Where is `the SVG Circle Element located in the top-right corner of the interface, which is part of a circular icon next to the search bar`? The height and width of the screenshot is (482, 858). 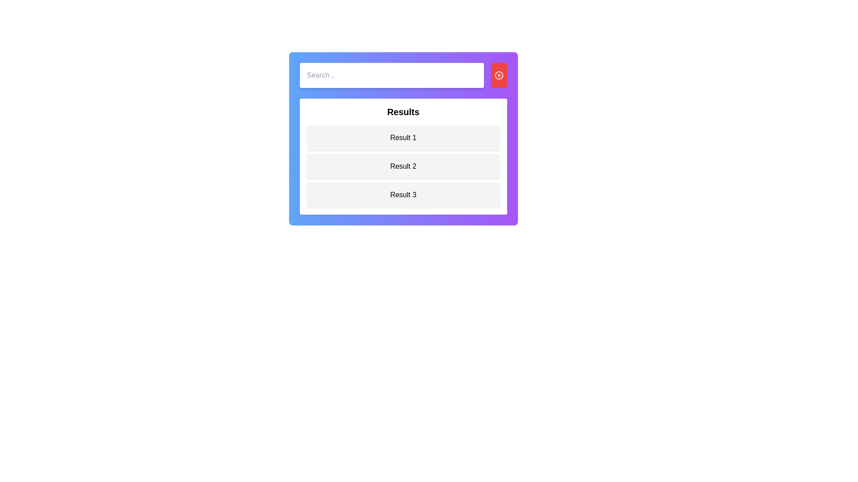 the SVG Circle Element located in the top-right corner of the interface, which is part of a circular icon next to the search bar is located at coordinates (498, 75).